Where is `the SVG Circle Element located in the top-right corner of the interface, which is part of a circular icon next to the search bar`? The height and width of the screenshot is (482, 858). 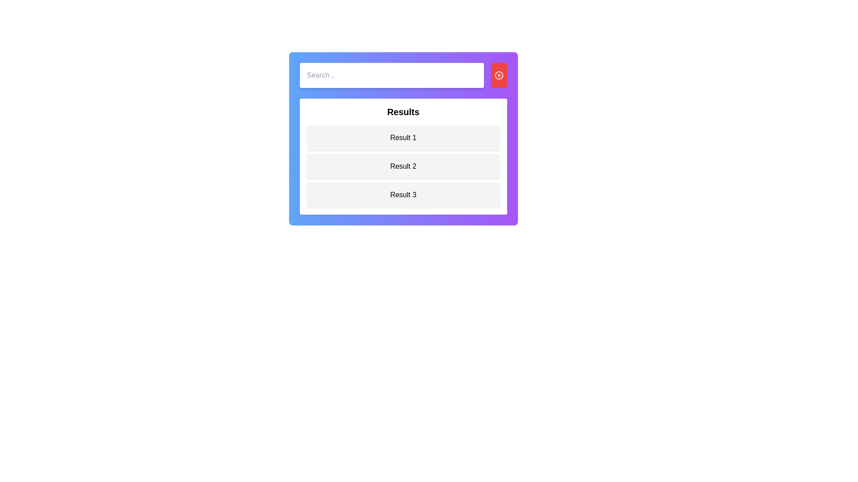 the SVG Circle Element located in the top-right corner of the interface, which is part of a circular icon next to the search bar is located at coordinates (498, 75).